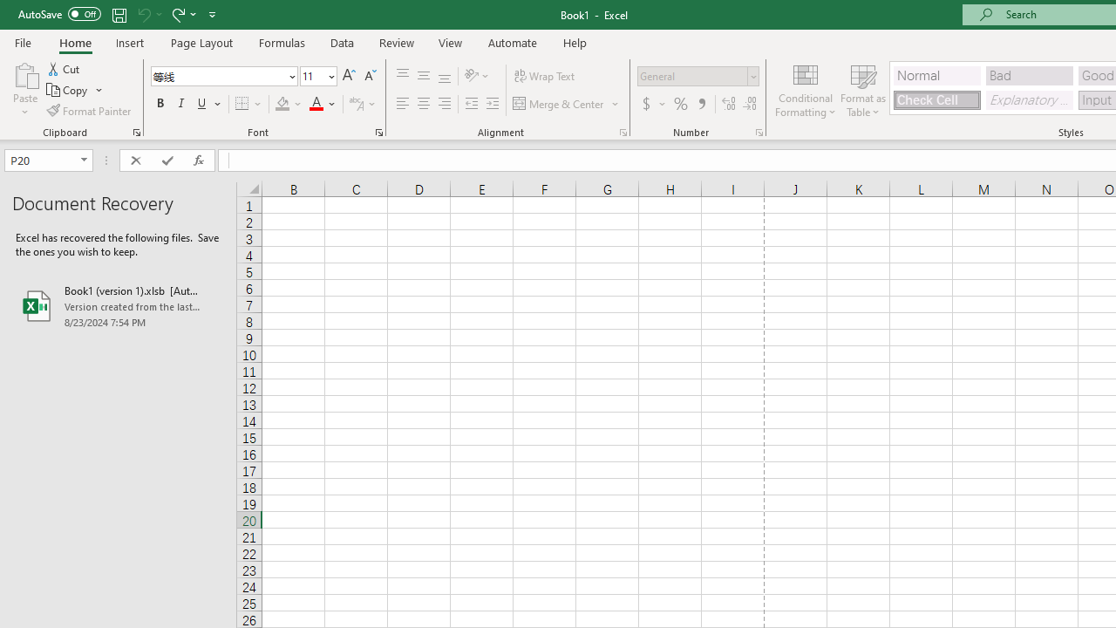 Image resolution: width=1116 pixels, height=628 pixels. What do you see at coordinates (223, 75) in the screenshot?
I see `'Font'` at bounding box center [223, 75].